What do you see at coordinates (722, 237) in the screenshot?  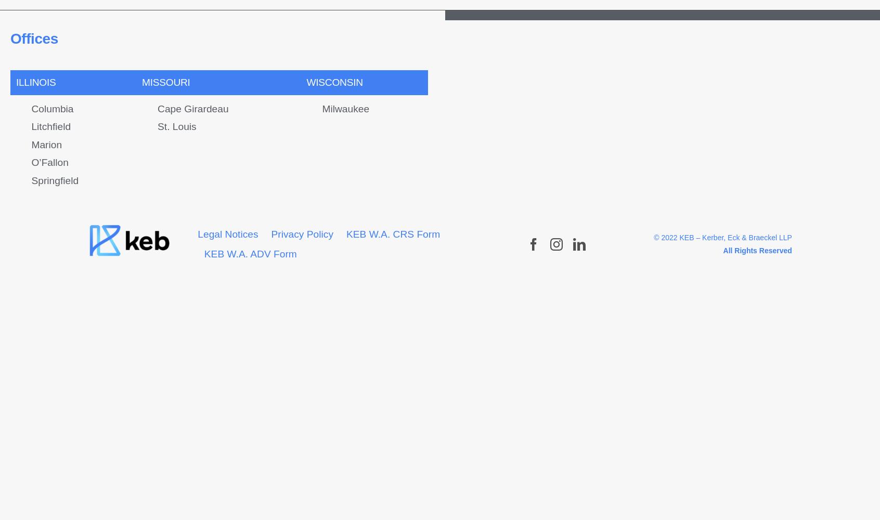 I see `'© 2022 KEB – Kerber, Eck & Braeckel LLP'` at bounding box center [722, 237].